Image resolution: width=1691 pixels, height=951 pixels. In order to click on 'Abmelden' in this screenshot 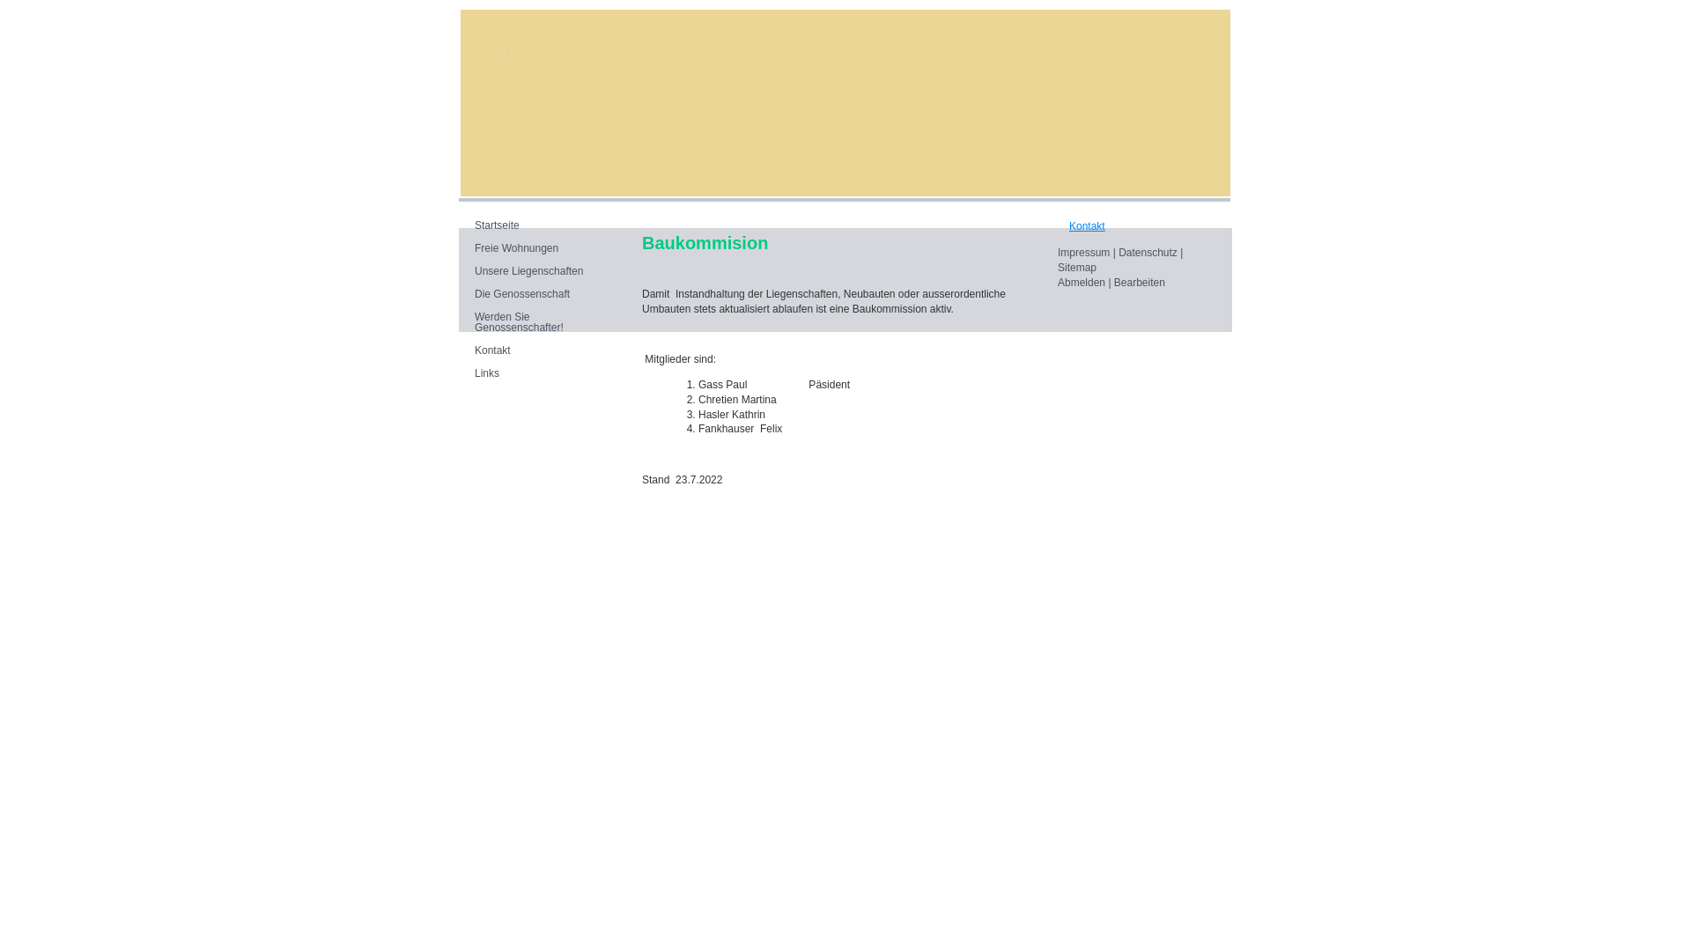, I will do `click(1082, 281)`.